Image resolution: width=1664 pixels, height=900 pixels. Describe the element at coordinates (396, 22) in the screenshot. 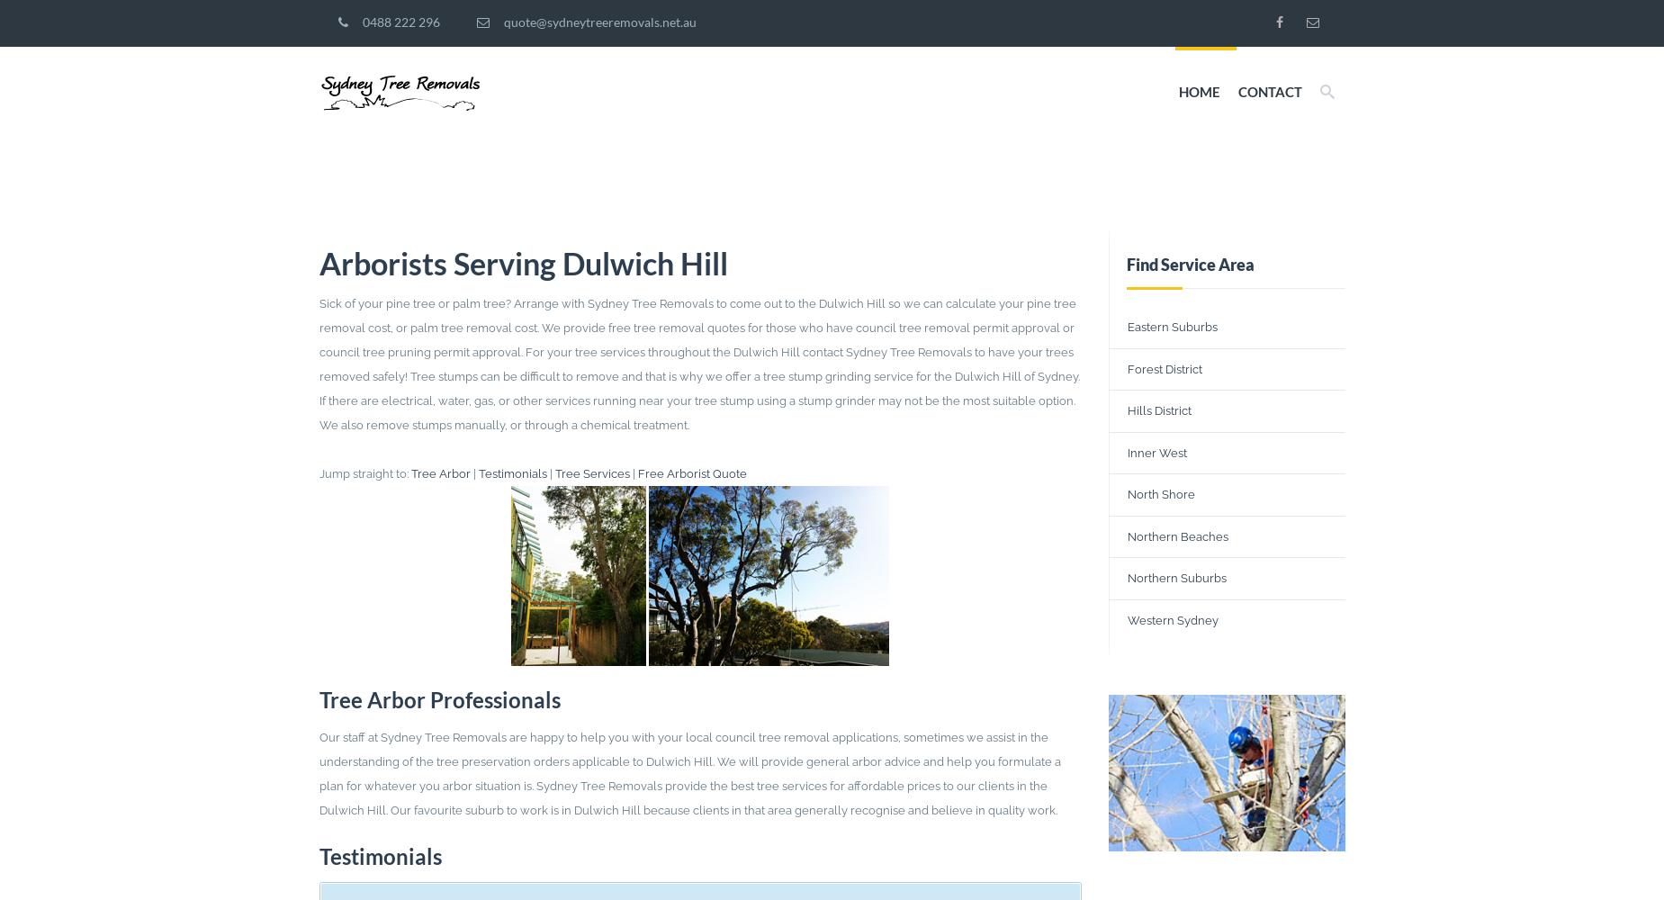

I see `'0488 222 296'` at that location.